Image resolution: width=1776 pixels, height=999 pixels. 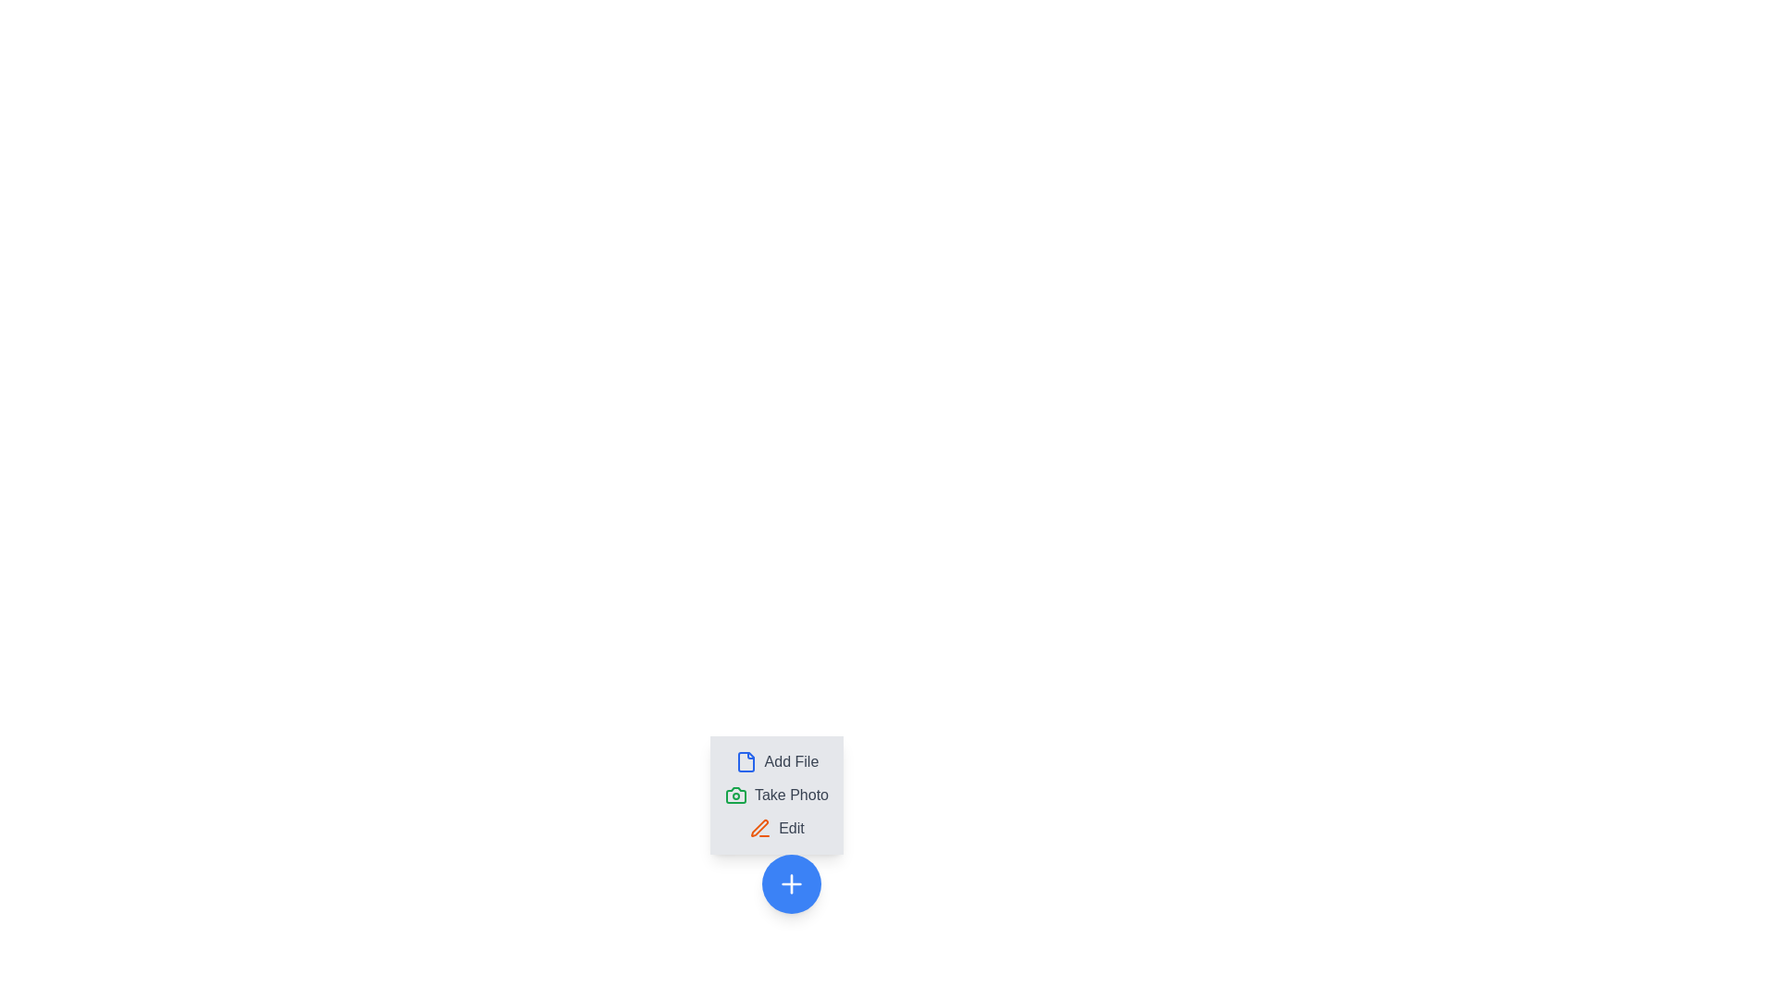 I want to click on the text label indicating an editing action, which is located at the bottom right corner of the menu card, to the right of the orange pencil icon, so click(x=791, y=827).